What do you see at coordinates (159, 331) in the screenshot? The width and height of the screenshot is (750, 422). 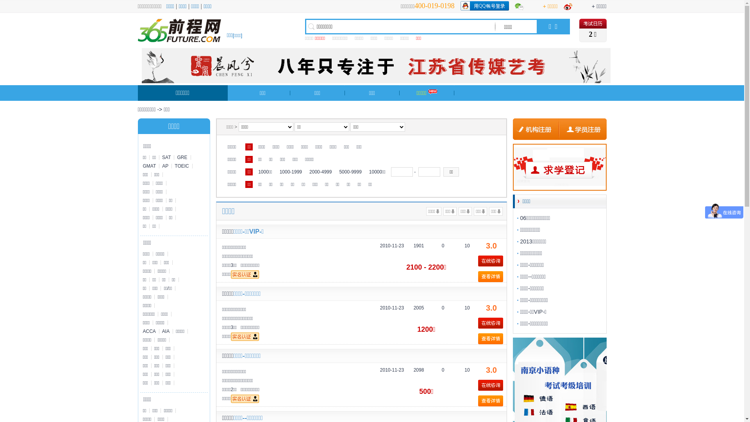 I see `'AIA'` at bounding box center [159, 331].